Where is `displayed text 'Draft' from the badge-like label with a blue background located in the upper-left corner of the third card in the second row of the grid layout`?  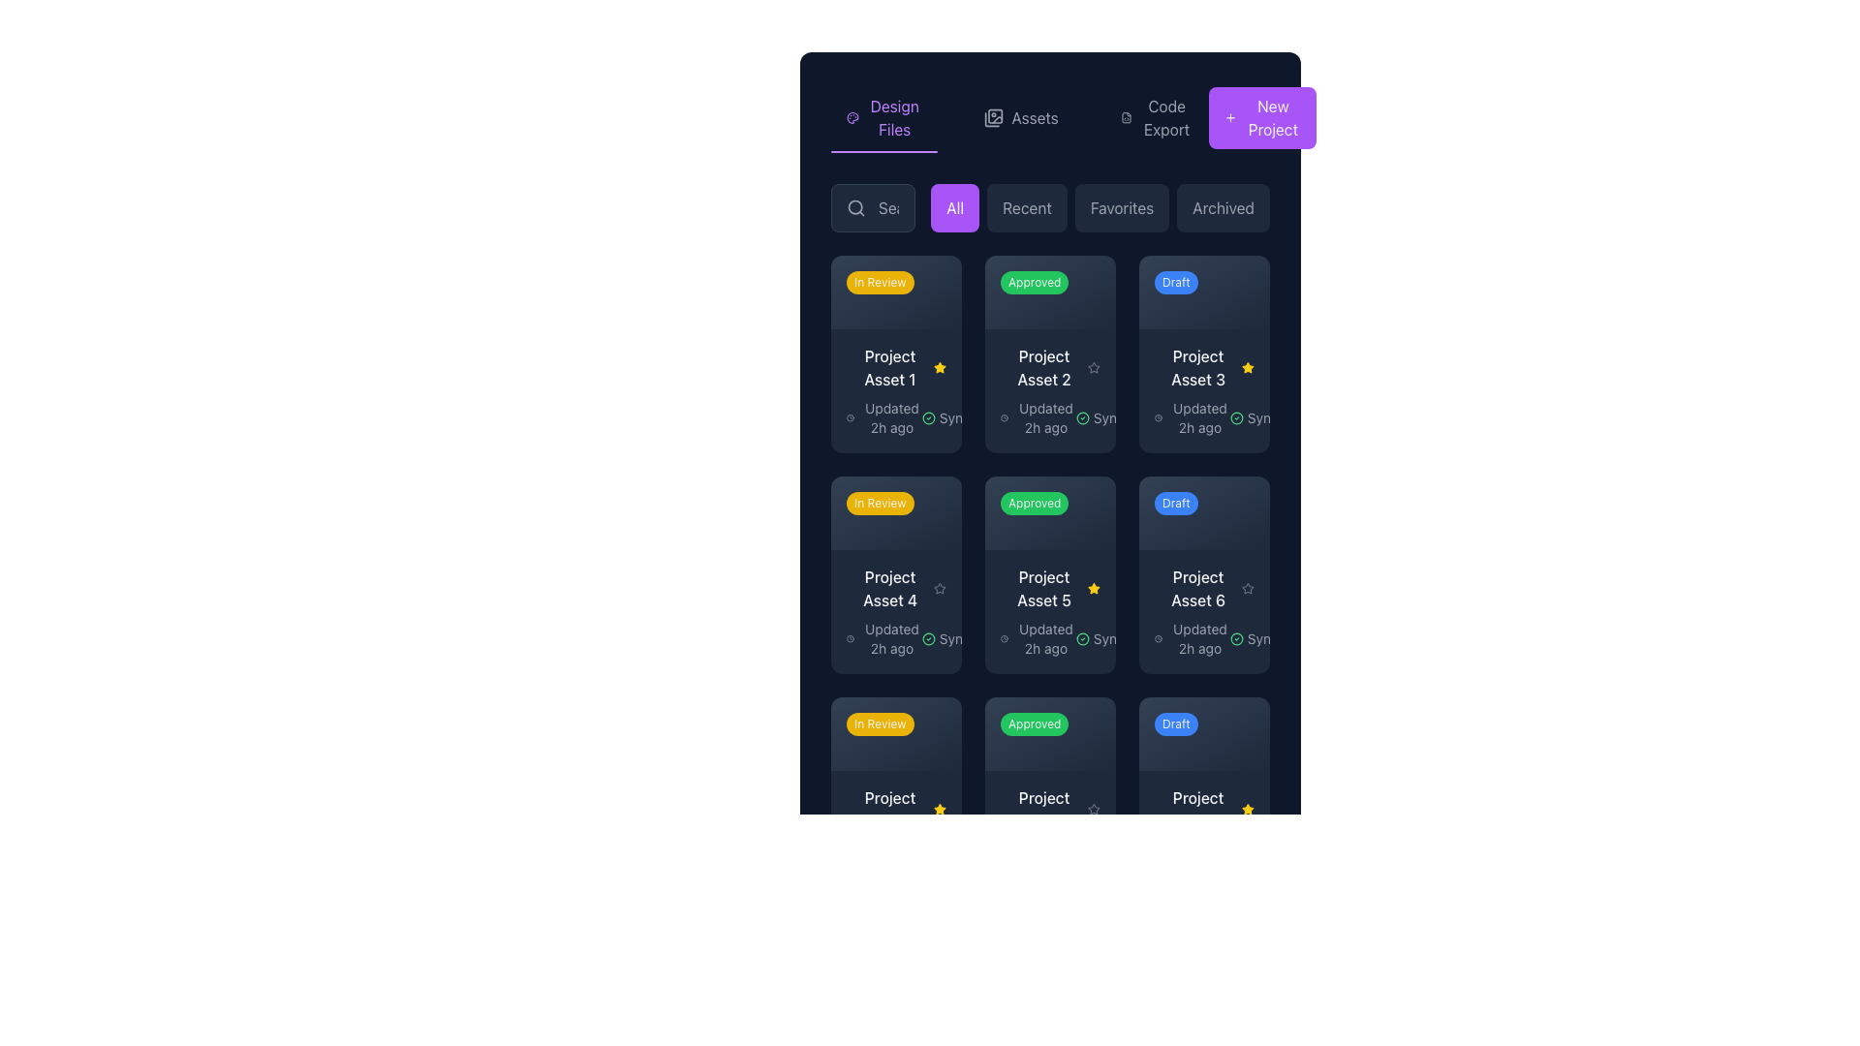 displayed text 'Draft' from the badge-like label with a blue background located in the upper-left corner of the third card in the second row of the grid layout is located at coordinates (1175, 502).